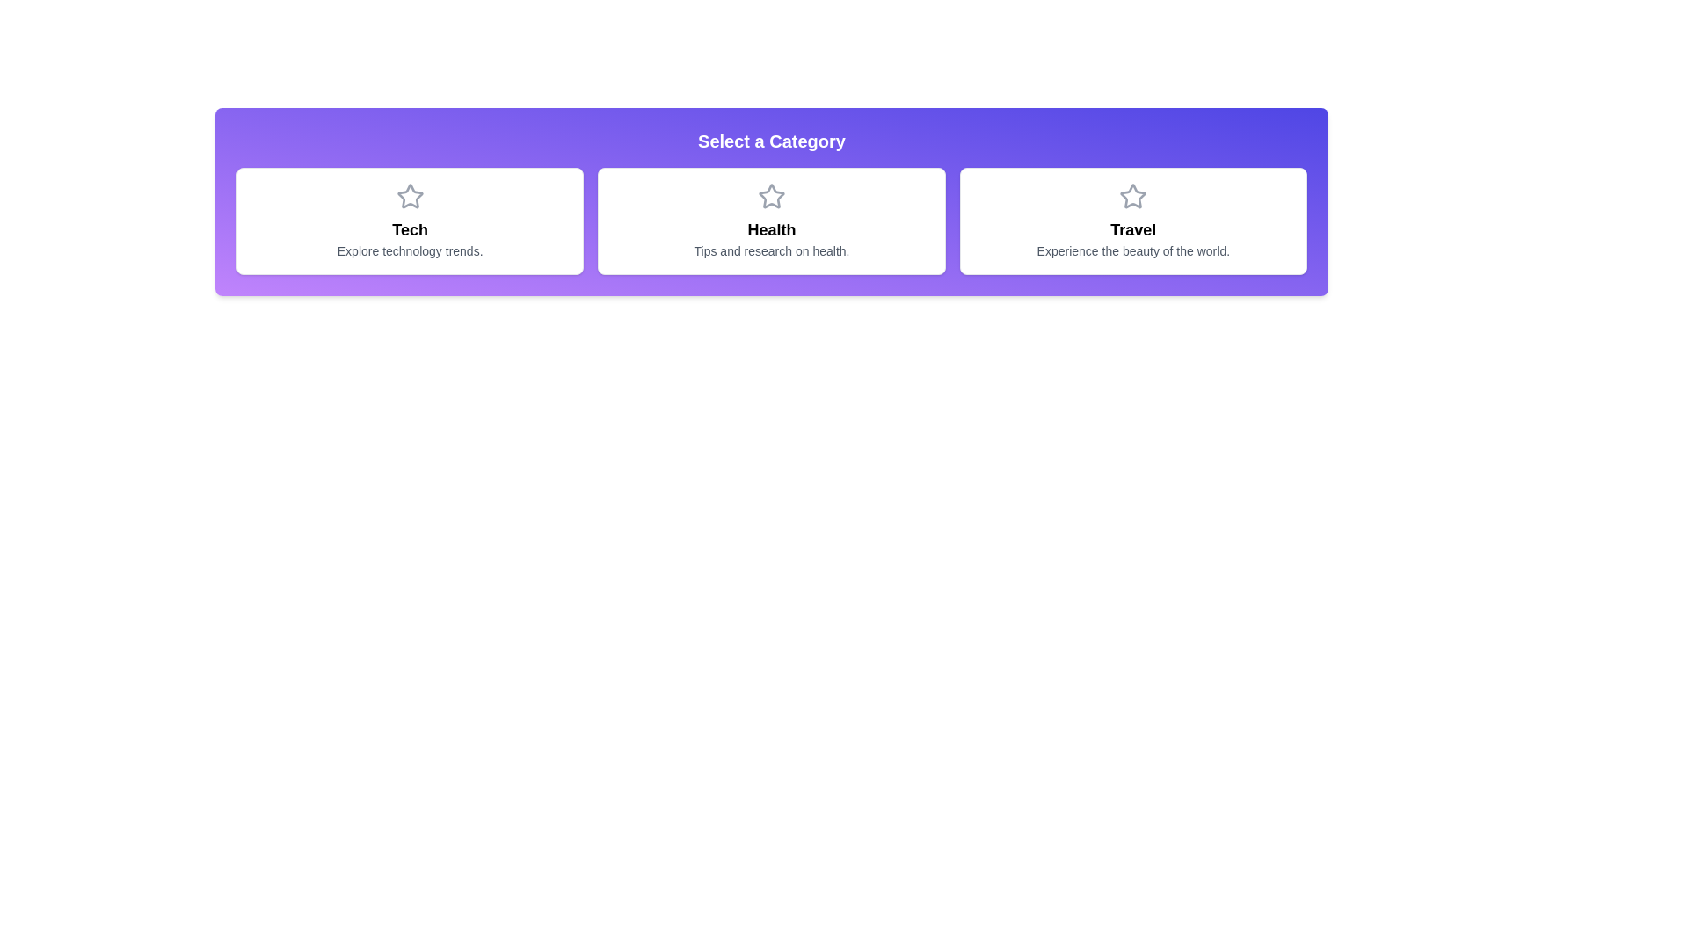  Describe the element at coordinates (772, 250) in the screenshot. I see `text string that says 'Tips and research on health.' which is located below the bolded heading 'Health' in the centered card` at that location.